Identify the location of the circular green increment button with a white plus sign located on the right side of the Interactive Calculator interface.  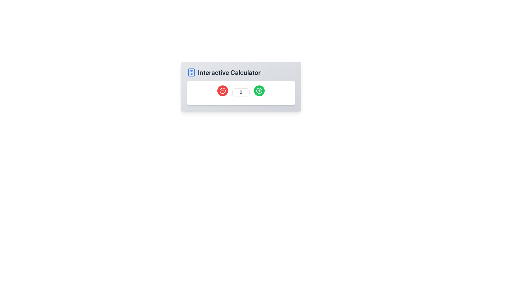
(259, 90).